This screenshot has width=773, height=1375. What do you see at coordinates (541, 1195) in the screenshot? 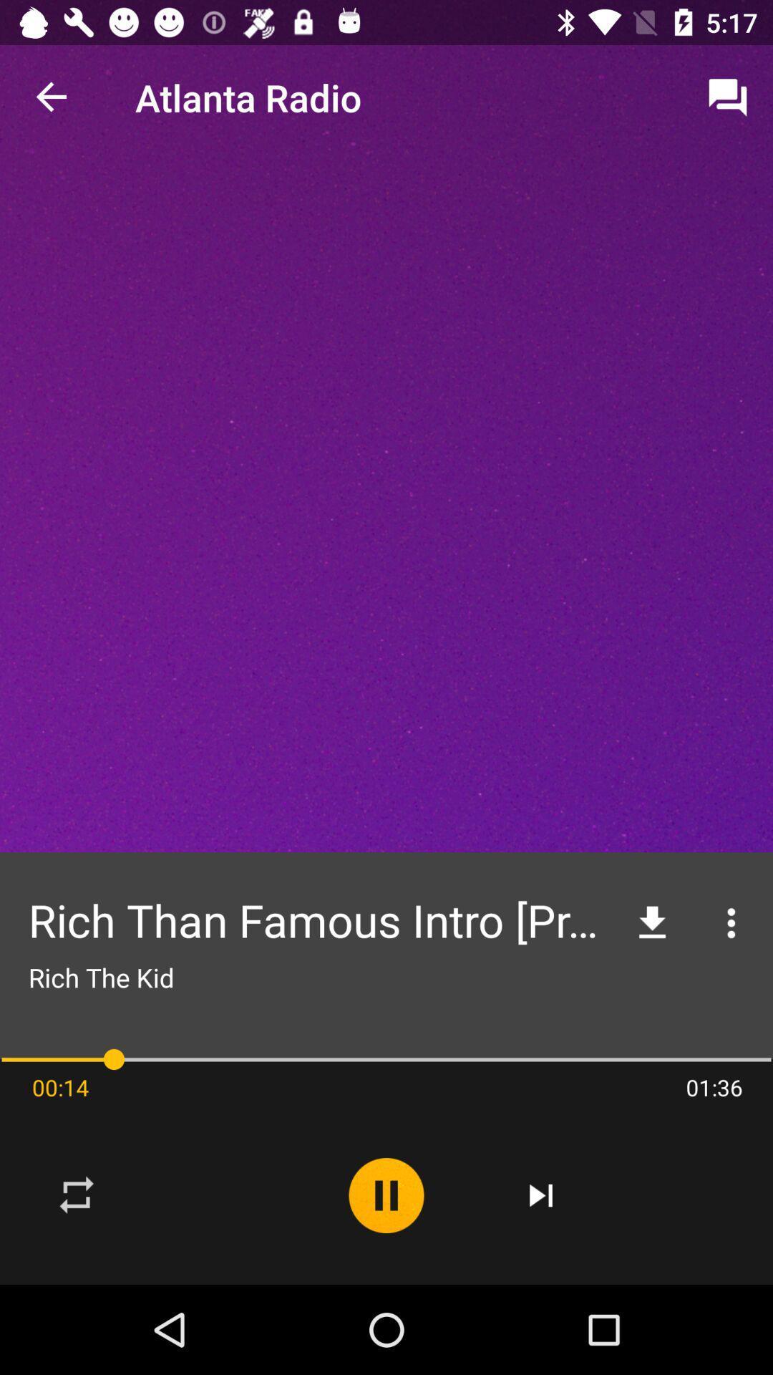
I see `the skip_next icon` at bounding box center [541, 1195].